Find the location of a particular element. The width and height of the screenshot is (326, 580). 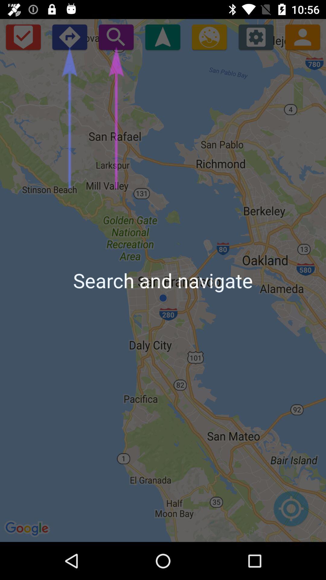

the avatar icon is located at coordinates (302, 37).